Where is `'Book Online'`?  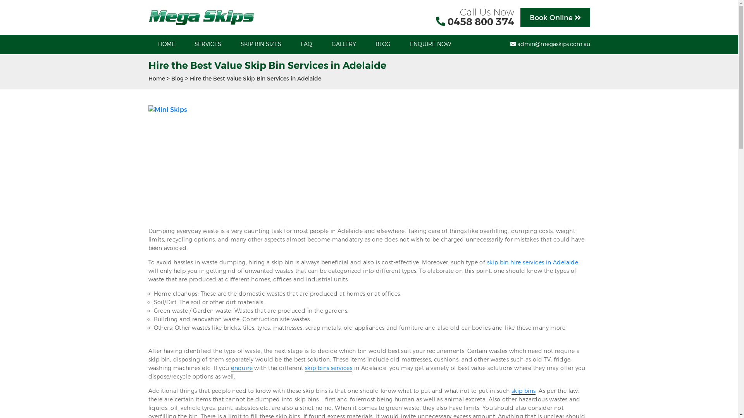 'Book Online' is located at coordinates (554, 17).